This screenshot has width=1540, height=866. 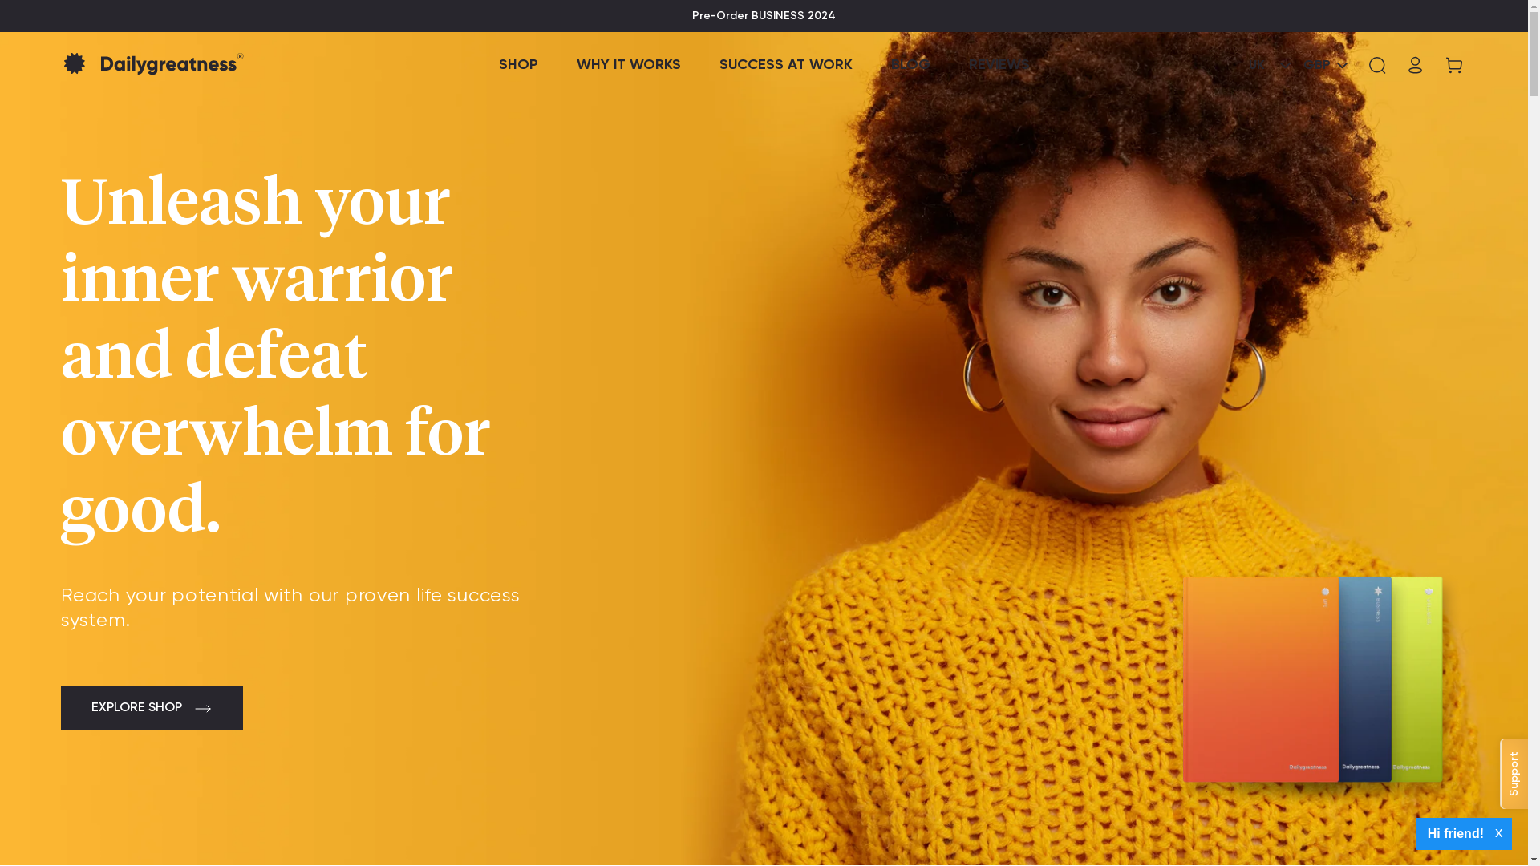 I want to click on 'BLOG', so click(x=910, y=64).